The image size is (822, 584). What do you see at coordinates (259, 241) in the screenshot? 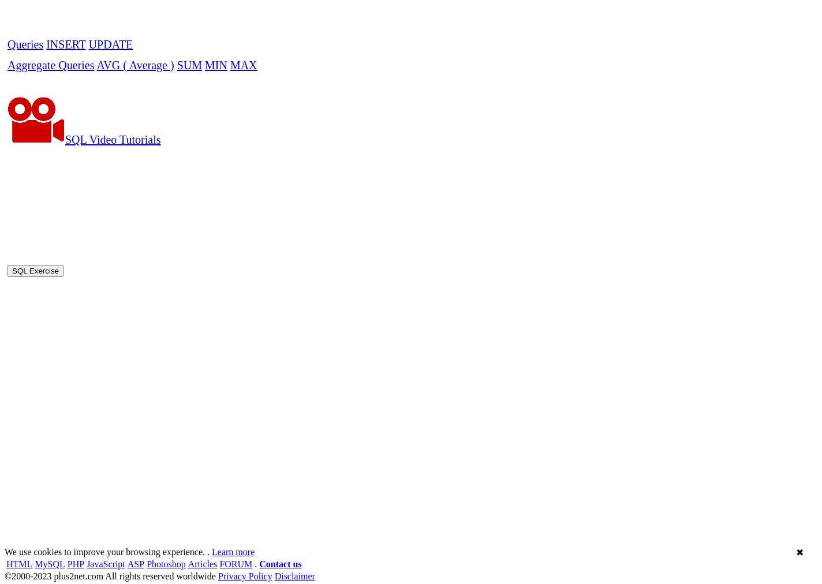
I see `'Contact us'` at bounding box center [259, 241].